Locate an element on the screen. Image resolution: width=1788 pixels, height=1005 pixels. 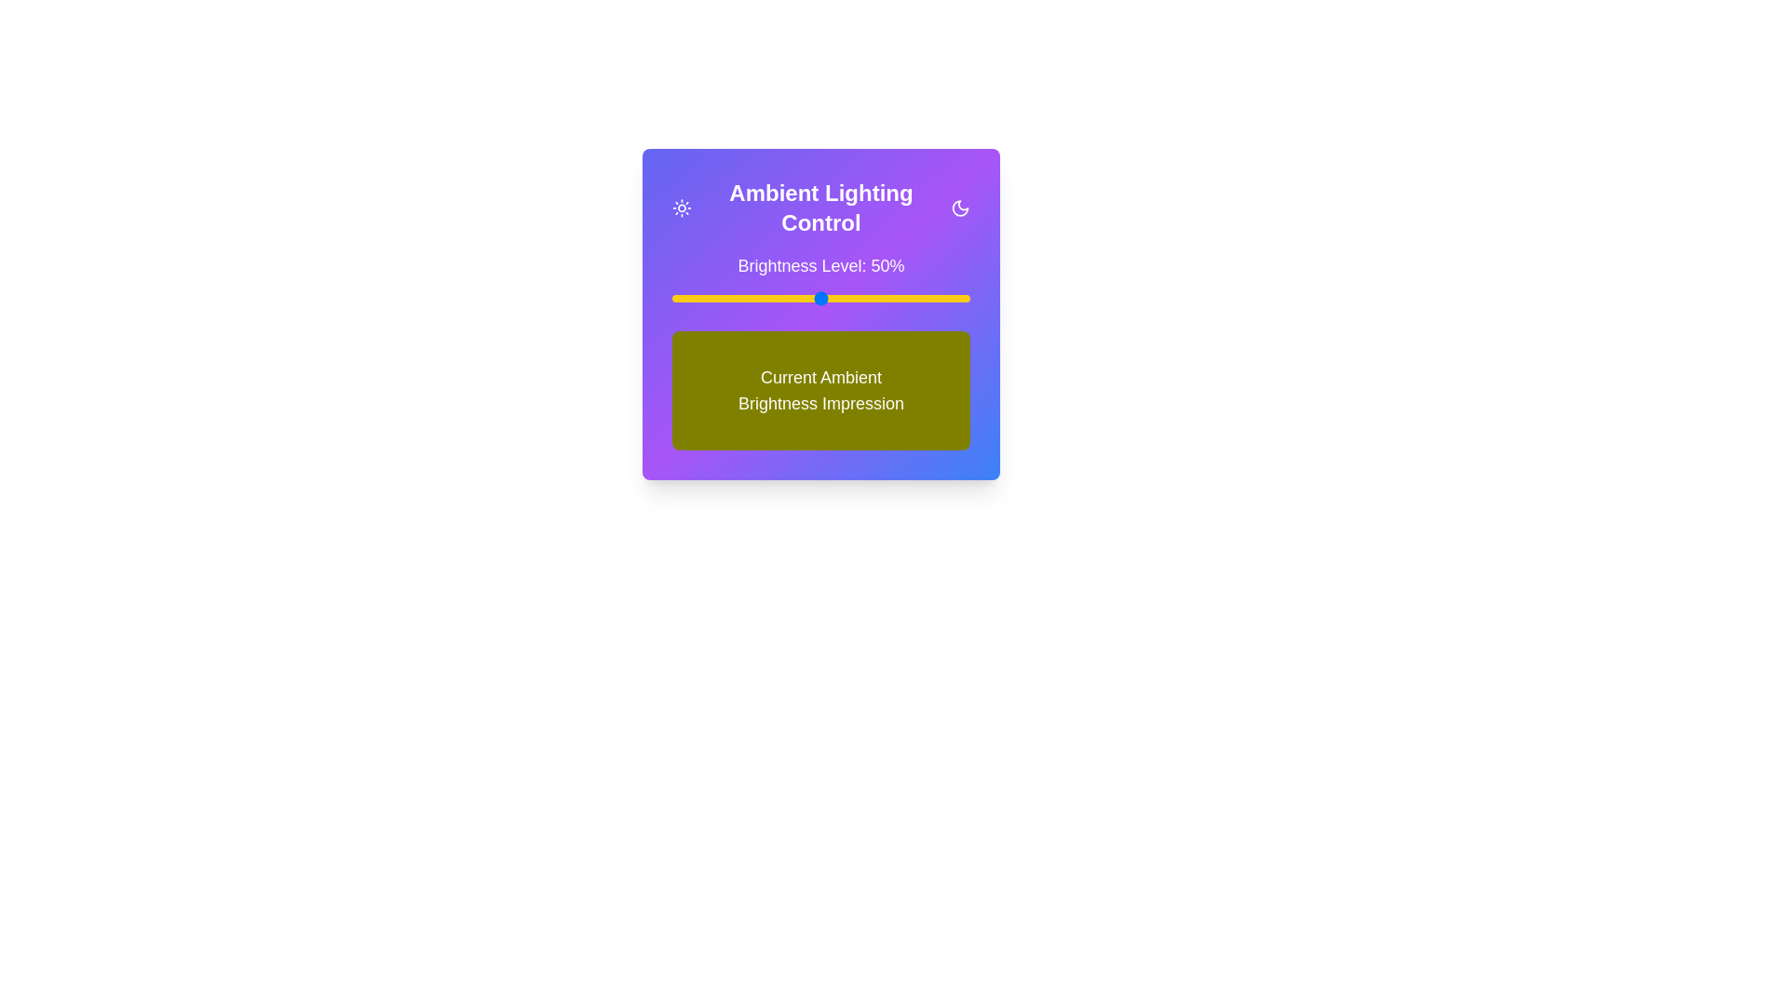
the brightness level to 78% by moving the slider is located at coordinates (904, 297).